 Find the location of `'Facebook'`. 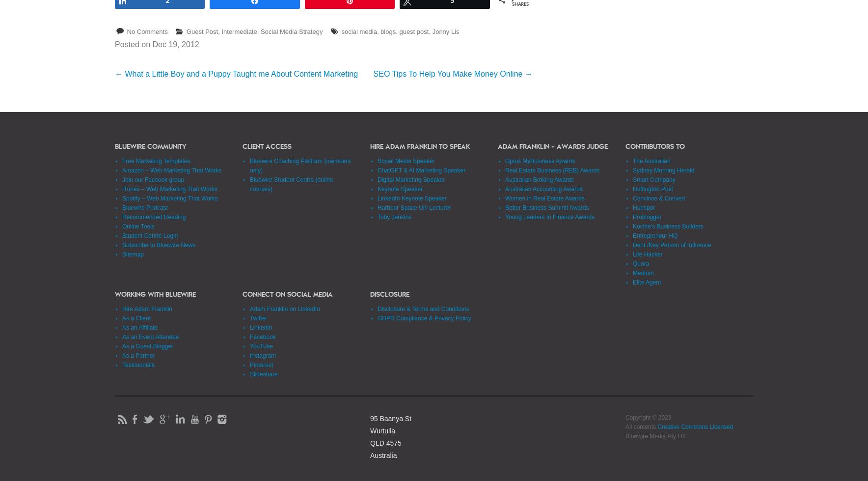

'Facebook' is located at coordinates (262, 336).